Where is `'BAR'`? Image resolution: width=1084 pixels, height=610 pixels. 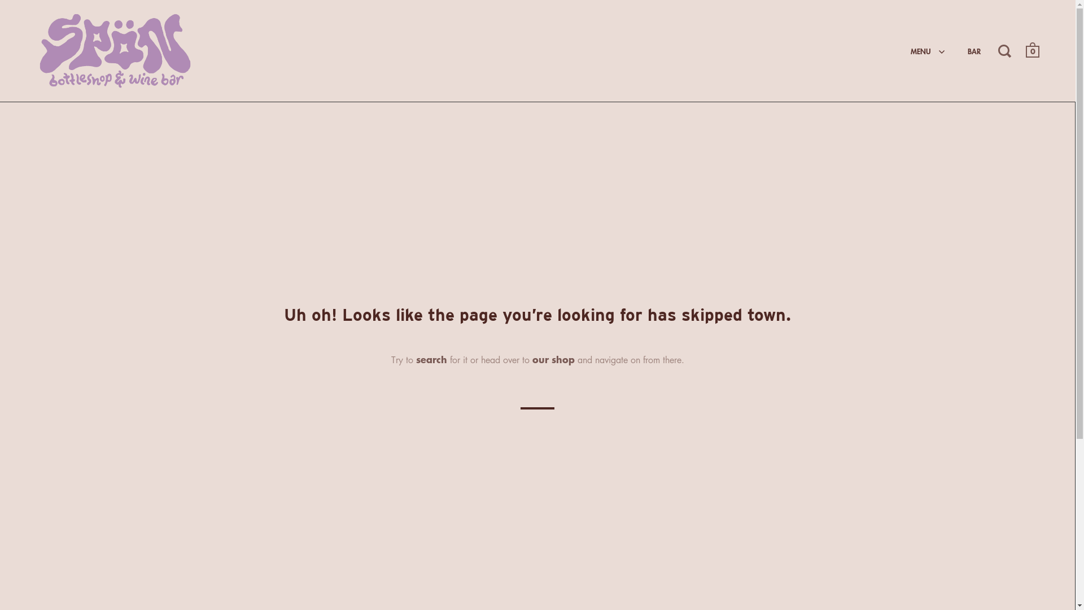
'BAR' is located at coordinates (973, 50).